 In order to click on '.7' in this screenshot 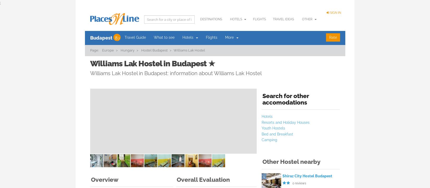, I will do `click(118, 38)`.